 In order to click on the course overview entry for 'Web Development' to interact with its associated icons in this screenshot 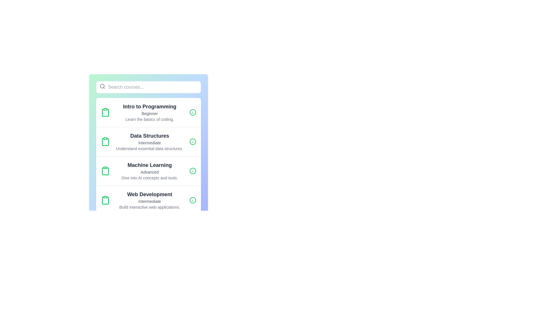, I will do `click(149, 200)`.